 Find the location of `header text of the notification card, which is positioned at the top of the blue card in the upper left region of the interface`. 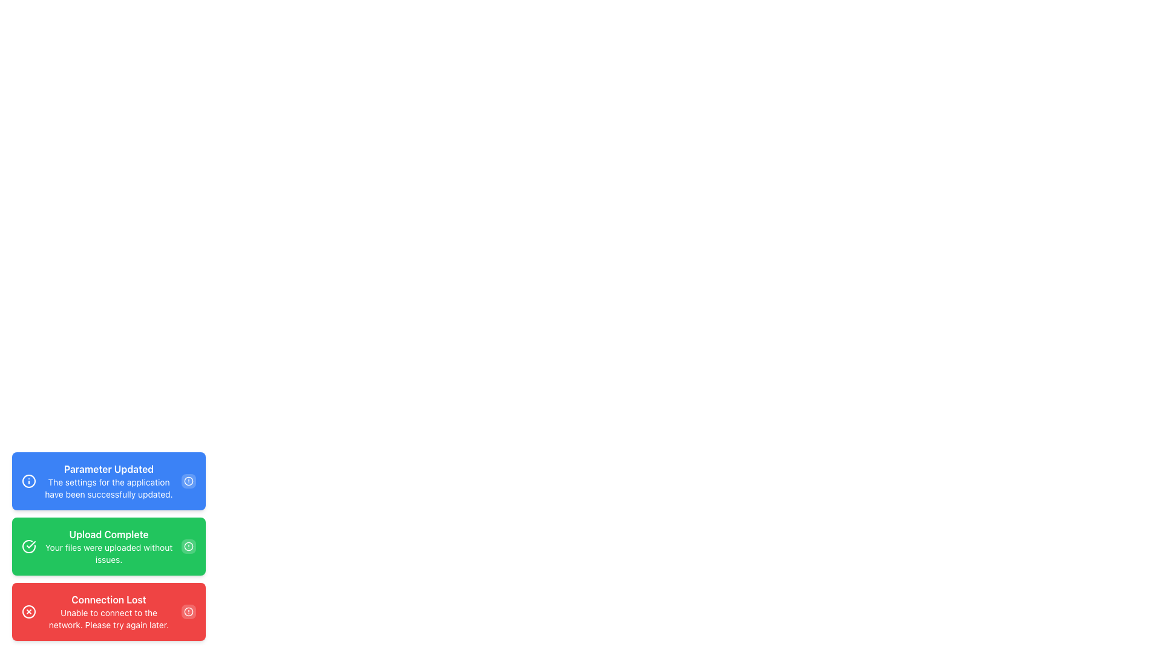

header text of the notification card, which is positioned at the top of the blue card in the upper left region of the interface is located at coordinates (109, 468).